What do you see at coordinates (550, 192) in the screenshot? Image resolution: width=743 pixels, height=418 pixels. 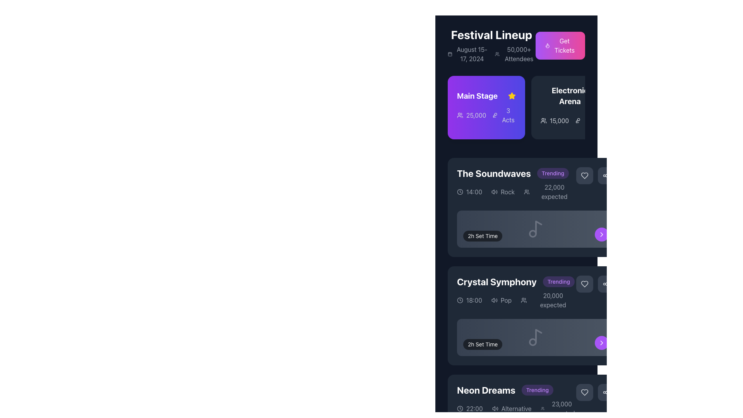 I see `text label displaying the anticipated attendance ('22,000 expected') for 'The Soundwaves' event, which is aligned with its associated icon` at bounding box center [550, 192].